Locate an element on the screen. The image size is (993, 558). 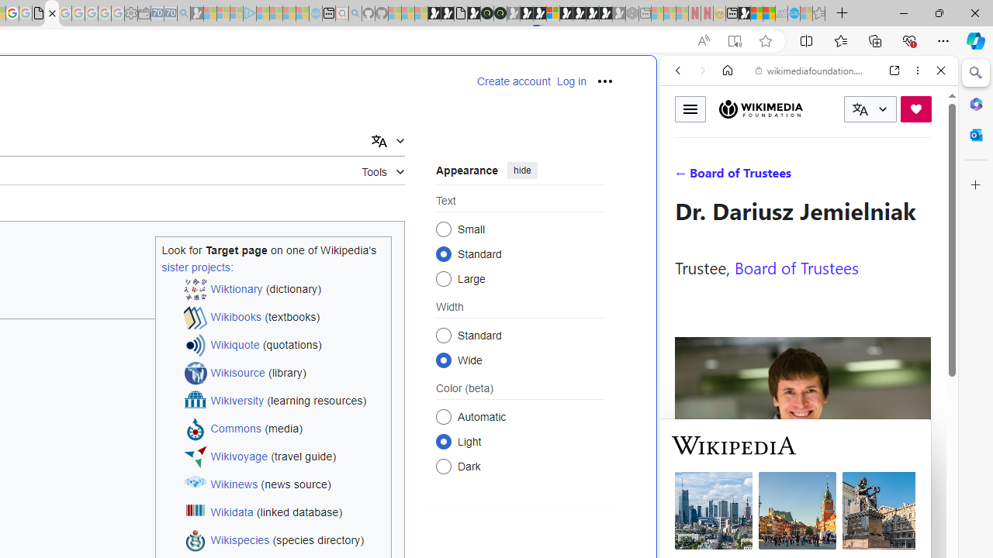
'Wikispecies (species directory)' is located at coordinates (284, 540).